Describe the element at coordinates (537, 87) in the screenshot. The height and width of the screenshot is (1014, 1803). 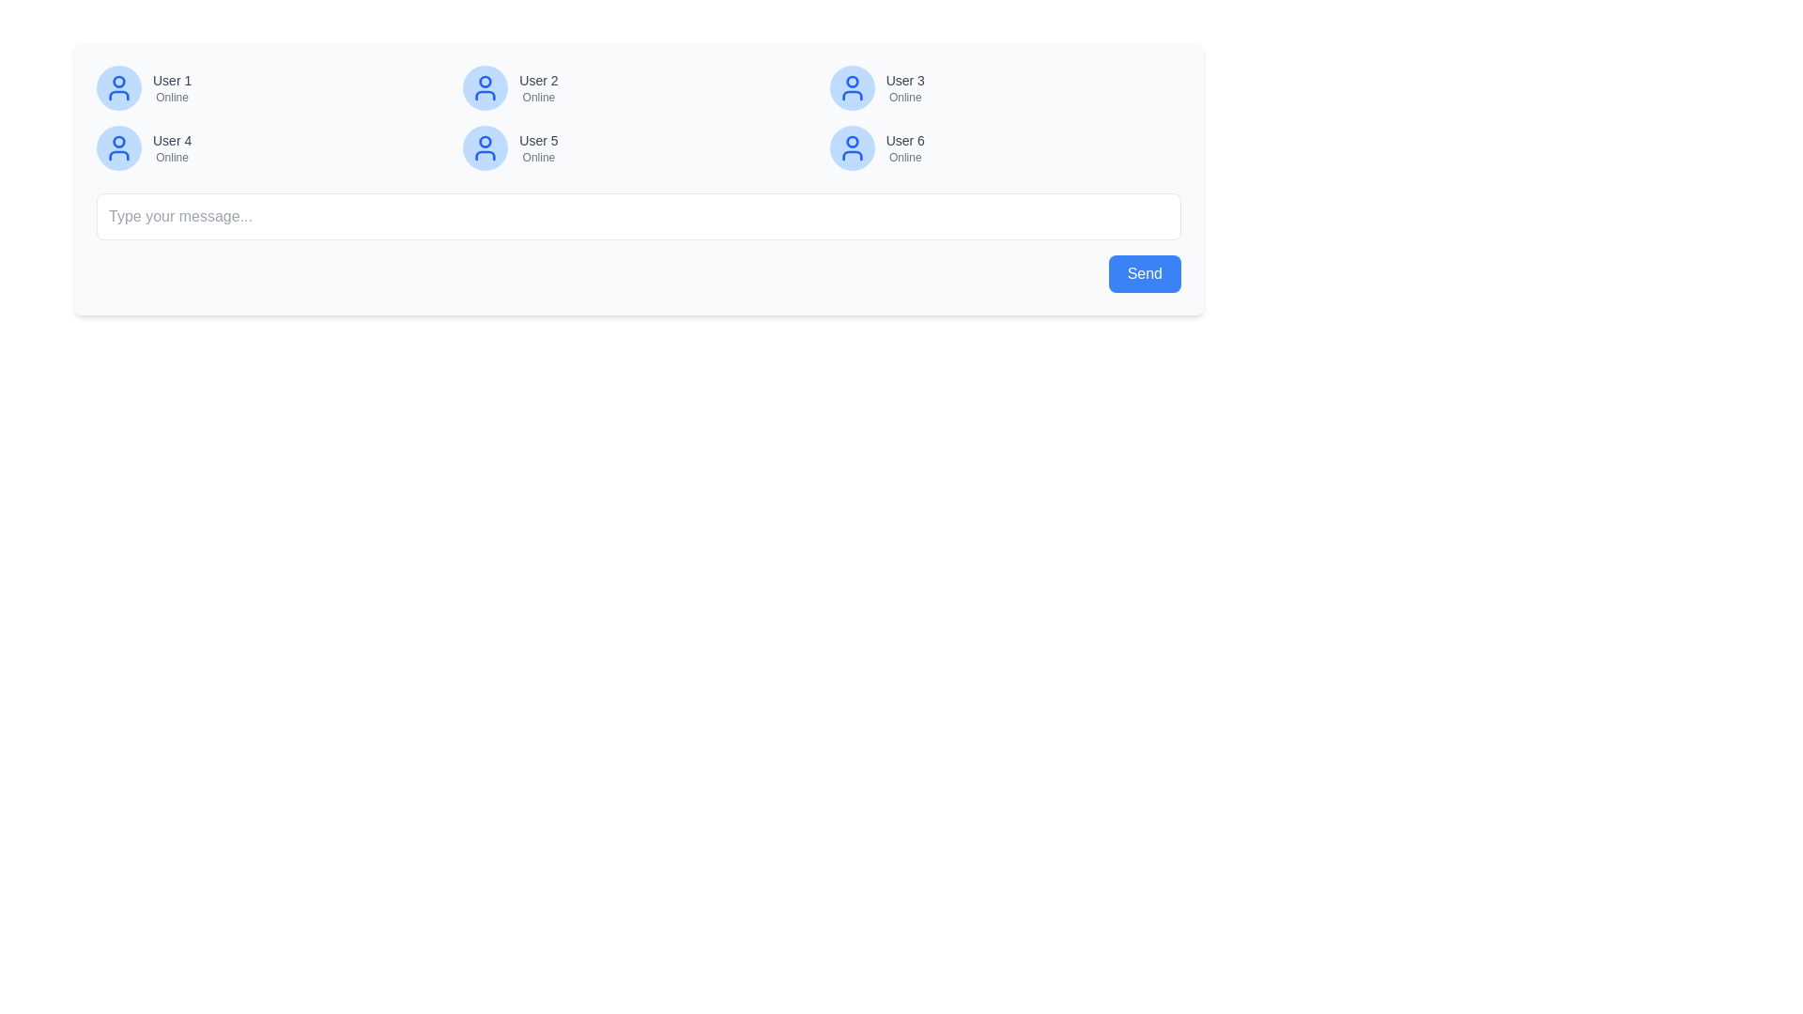
I see `the text block displaying 'User 2' in bold gray text and 'Online' in smaller gray text, which is the second entry in the user list` at that location.